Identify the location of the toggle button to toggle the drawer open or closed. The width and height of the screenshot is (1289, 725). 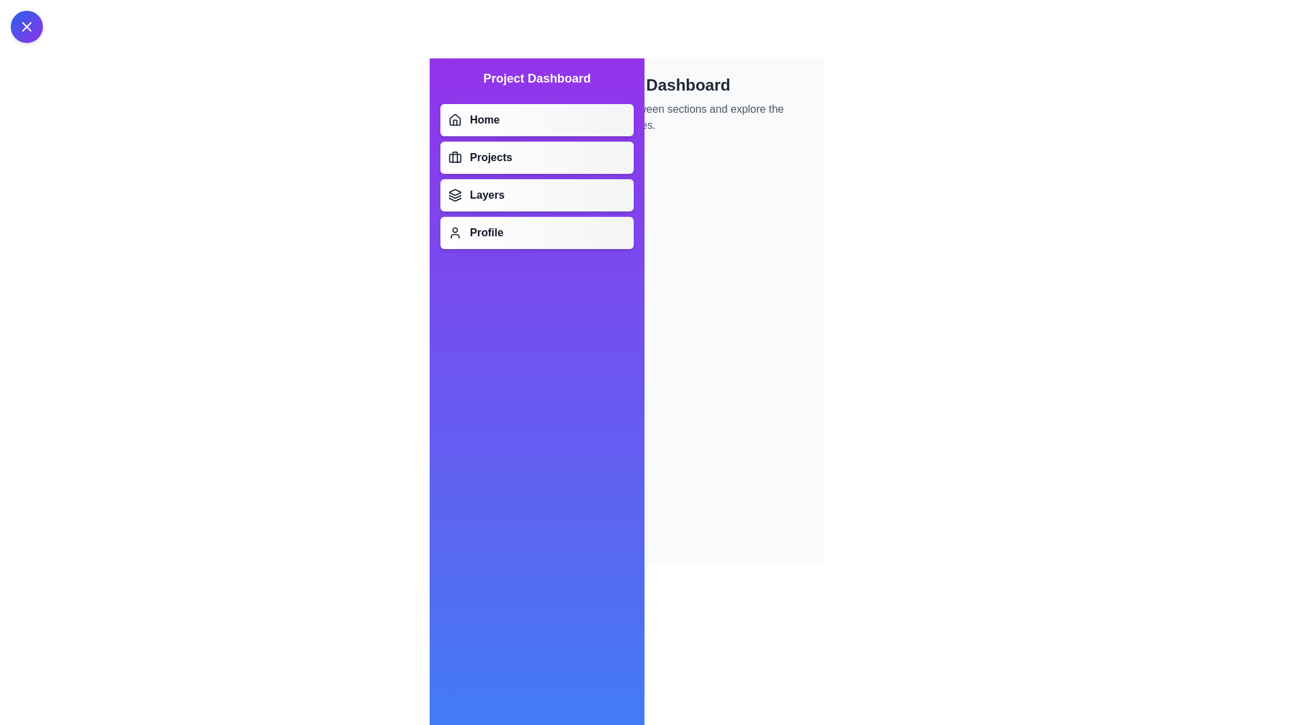
(26, 26).